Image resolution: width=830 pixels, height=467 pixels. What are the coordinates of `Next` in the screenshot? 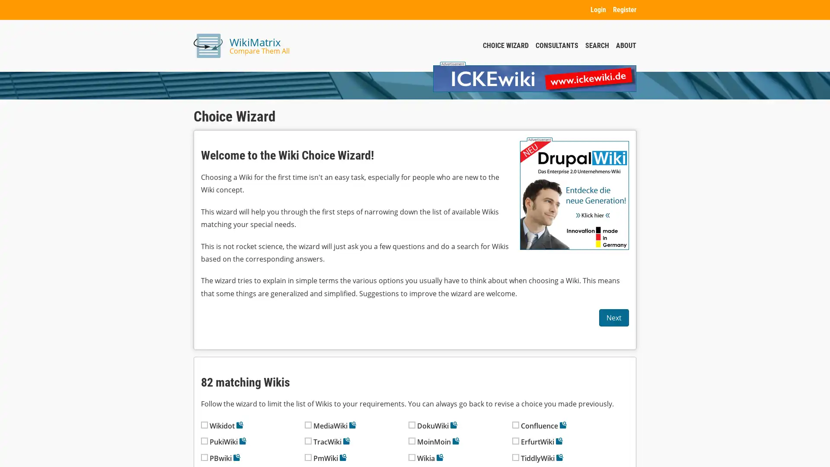 It's located at (613, 318).